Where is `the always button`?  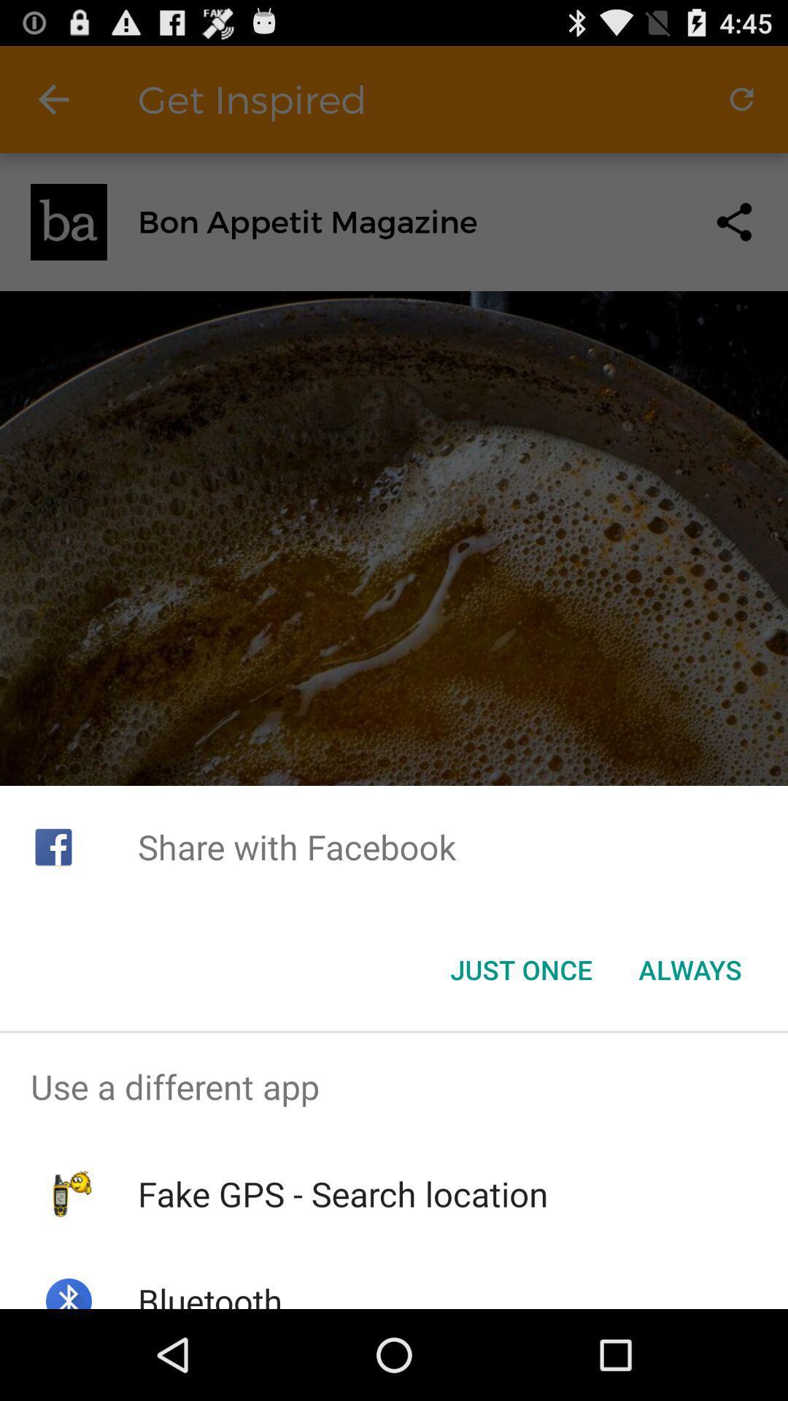
the always button is located at coordinates (689, 970).